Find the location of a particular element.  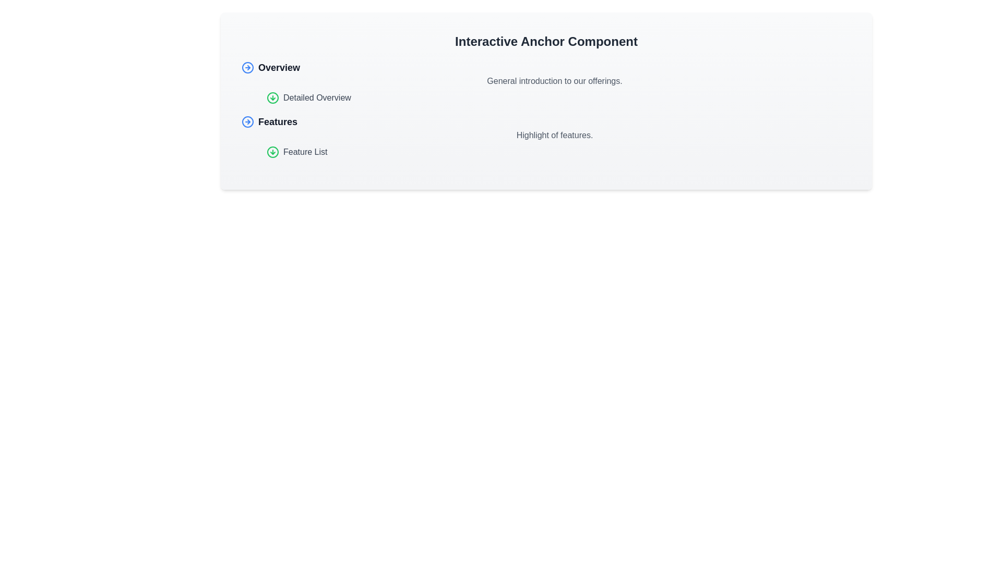

the static text reading 'General introduction to our offerings.' located beneath the 'Overview' heading and preceding the 'Detailed Overview' text is located at coordinates (554, 80).